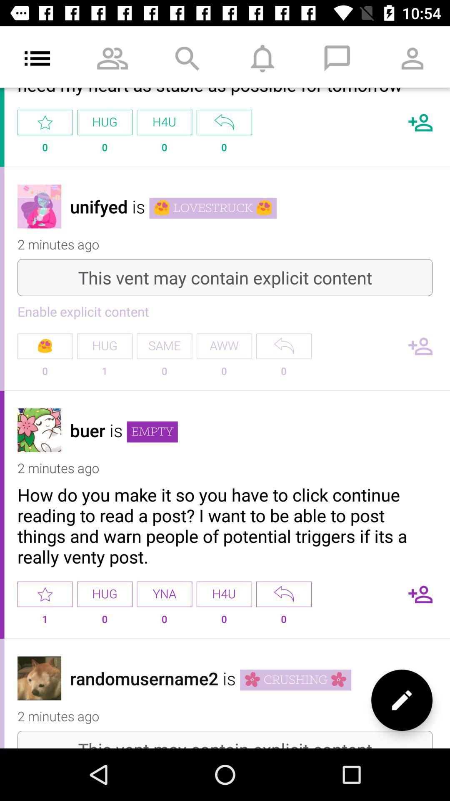  Describe the element at coordinates (39, 206) in the screenshot. I see `user avatar` at that location.